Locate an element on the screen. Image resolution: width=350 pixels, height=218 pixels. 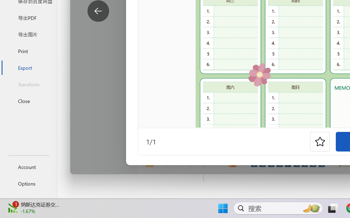
'Export' is located at coordinates (28, 67).